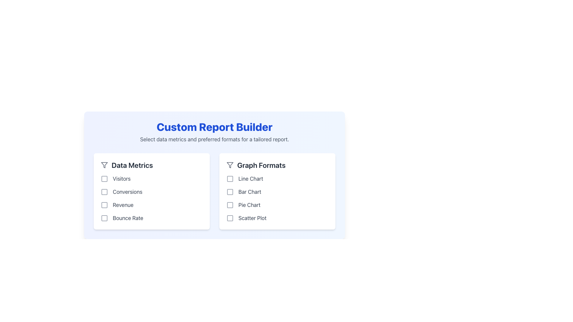 This screenshot has width=573, height=322. Describe the element at coordinates (230, 218) in the screenshot. I see `the graphical checkbox component for the 'Scatter Plot' option located in the 'Graph Formats' section of the custom report builder interface` at that location.